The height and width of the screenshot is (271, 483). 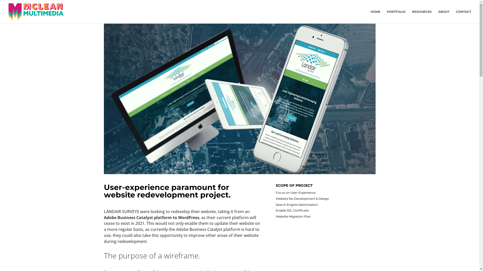 What do you see at coordinates (396, 16) in the screenshot?
I see `'PORTFOLIO'` at bounding box center [396, 16].